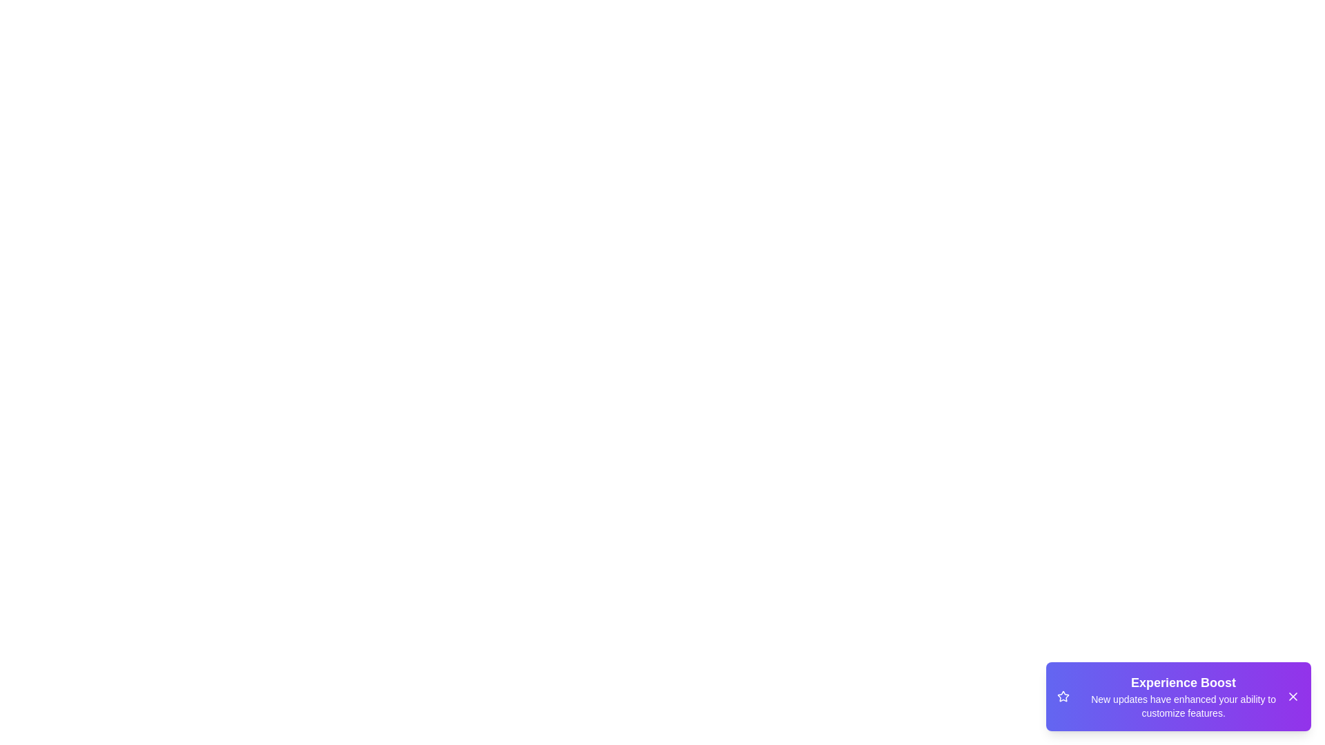  What do you see at coordinates (1292, 697) in the screenshot?
I see `the close button of the snackbar to dismiss it` at bounding box center [1292, 697].